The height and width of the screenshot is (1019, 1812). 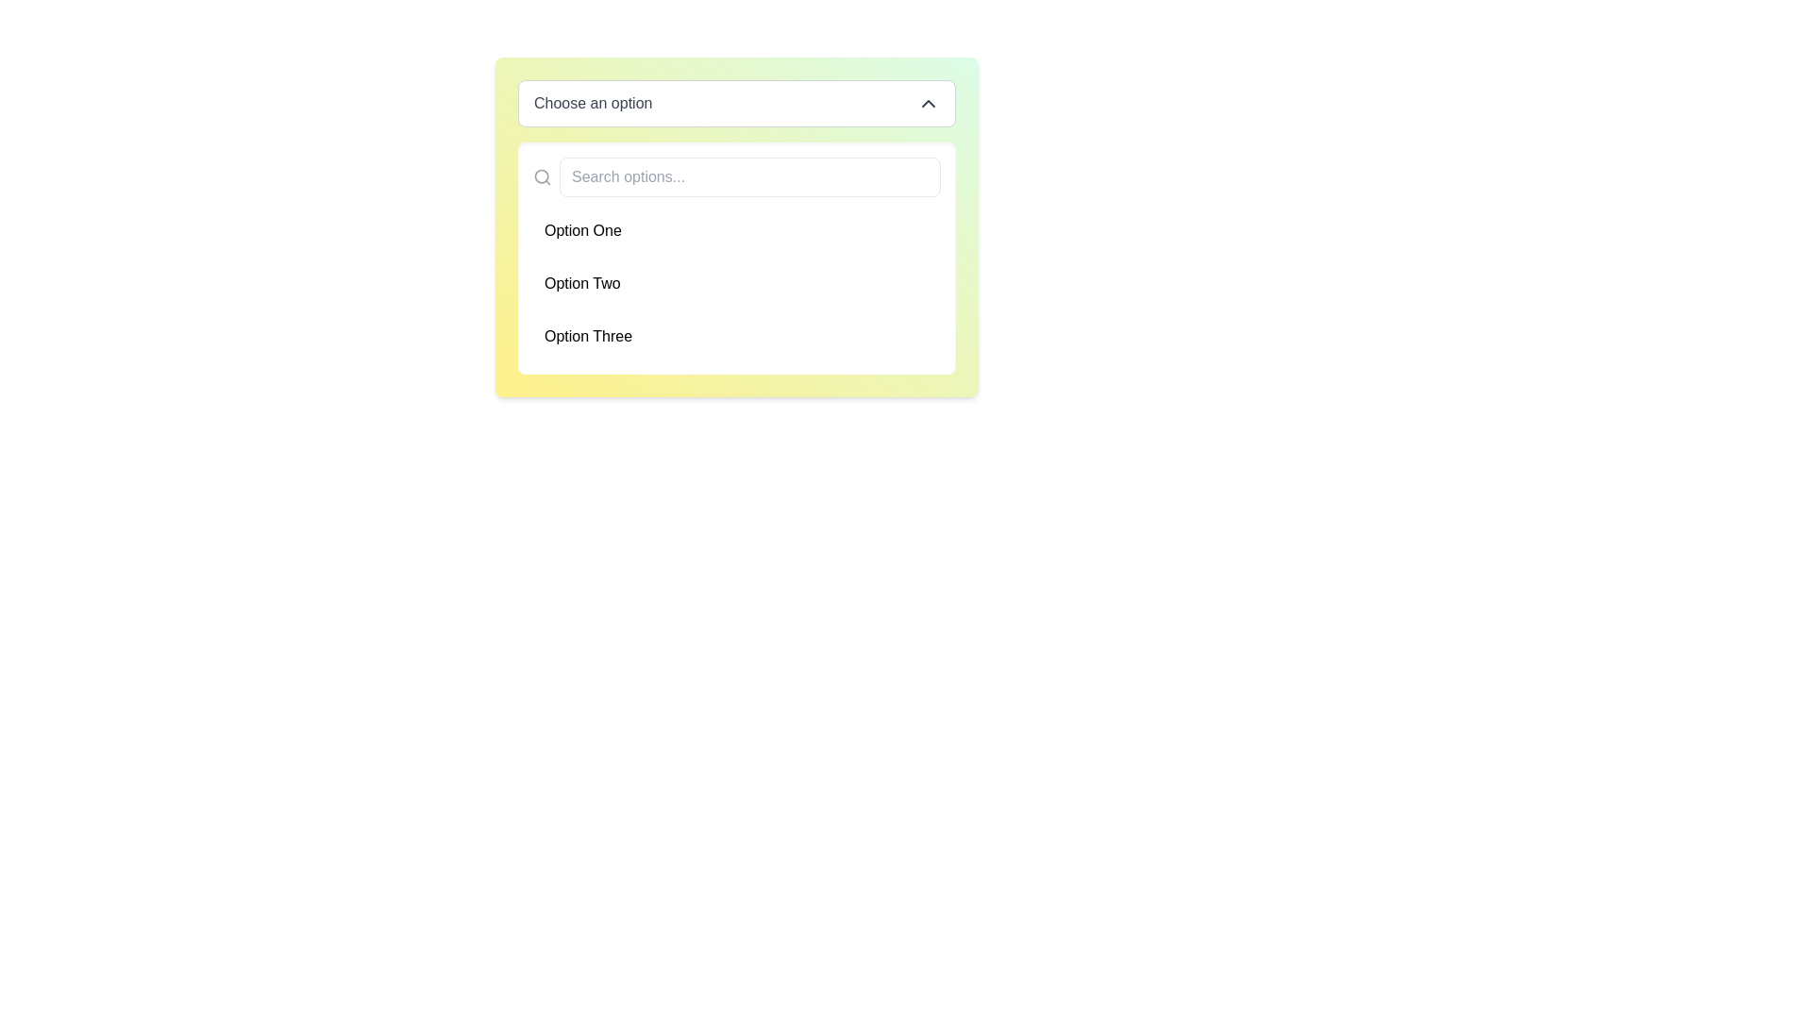 What do you see at coordinates (736, 258) in the screenshot?
I see `the options in the Dropdown Search Box, which is a white interactive box with rounded corners and an inner shadow, positioned below the 'Choose an option' button` at bounding box center [736, 258].